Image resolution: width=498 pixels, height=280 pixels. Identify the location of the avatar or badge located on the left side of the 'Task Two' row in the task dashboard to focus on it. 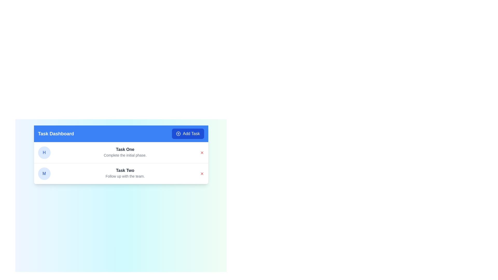
(44, 174).